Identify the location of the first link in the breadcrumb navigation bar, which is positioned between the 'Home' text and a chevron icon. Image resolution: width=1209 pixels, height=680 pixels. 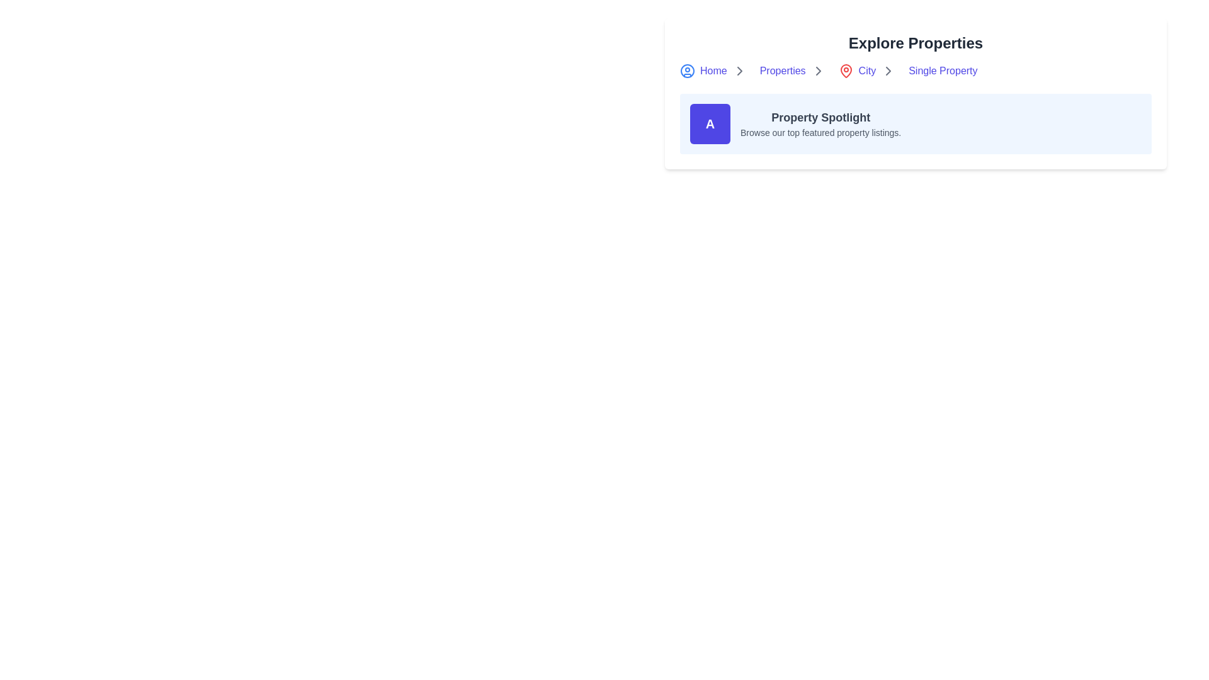
(782, 71).